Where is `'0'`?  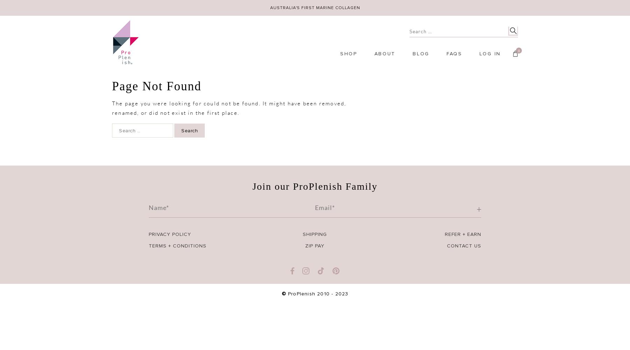
'0' is located at coordinates (518, 50).